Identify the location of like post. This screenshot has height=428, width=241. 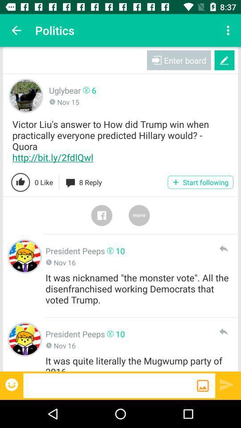
(21, 182).